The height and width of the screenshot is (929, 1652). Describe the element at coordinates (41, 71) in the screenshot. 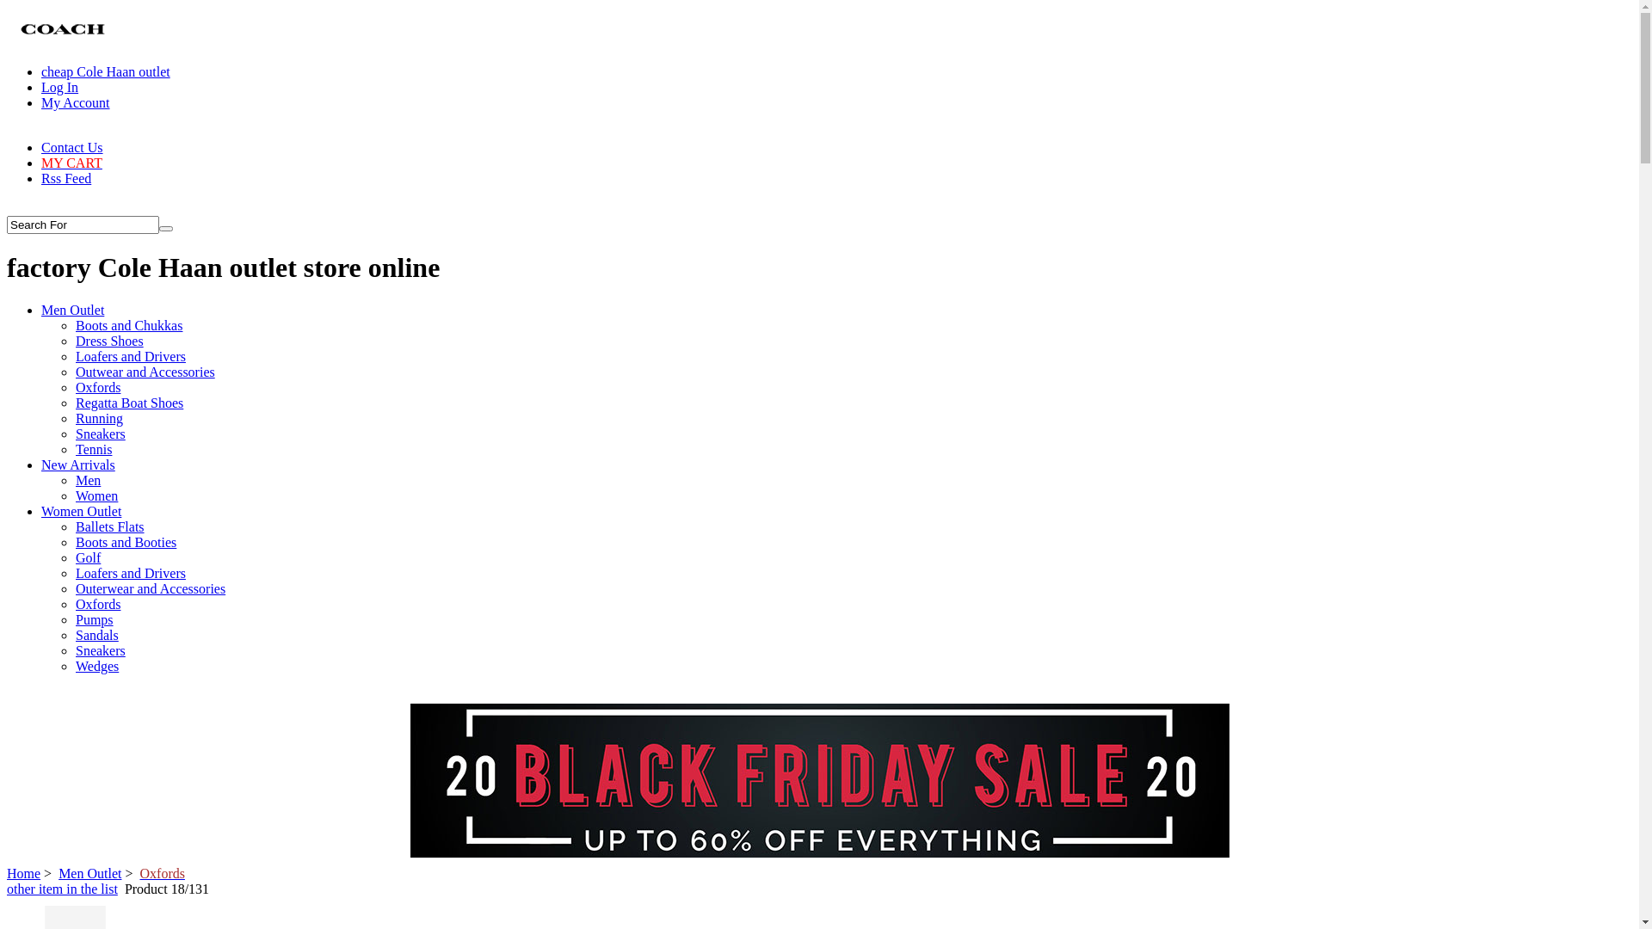

I see `'cheap Cole Haan outlet'` at that location.